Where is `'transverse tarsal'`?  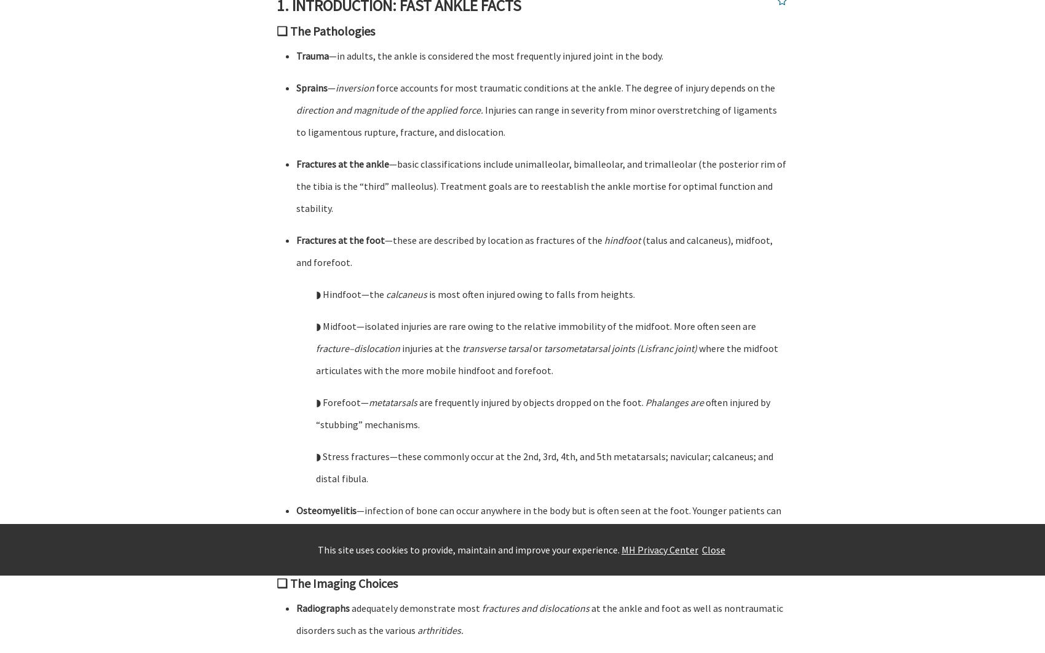 'transverse tarsal' is located at coordinates (496, 348).